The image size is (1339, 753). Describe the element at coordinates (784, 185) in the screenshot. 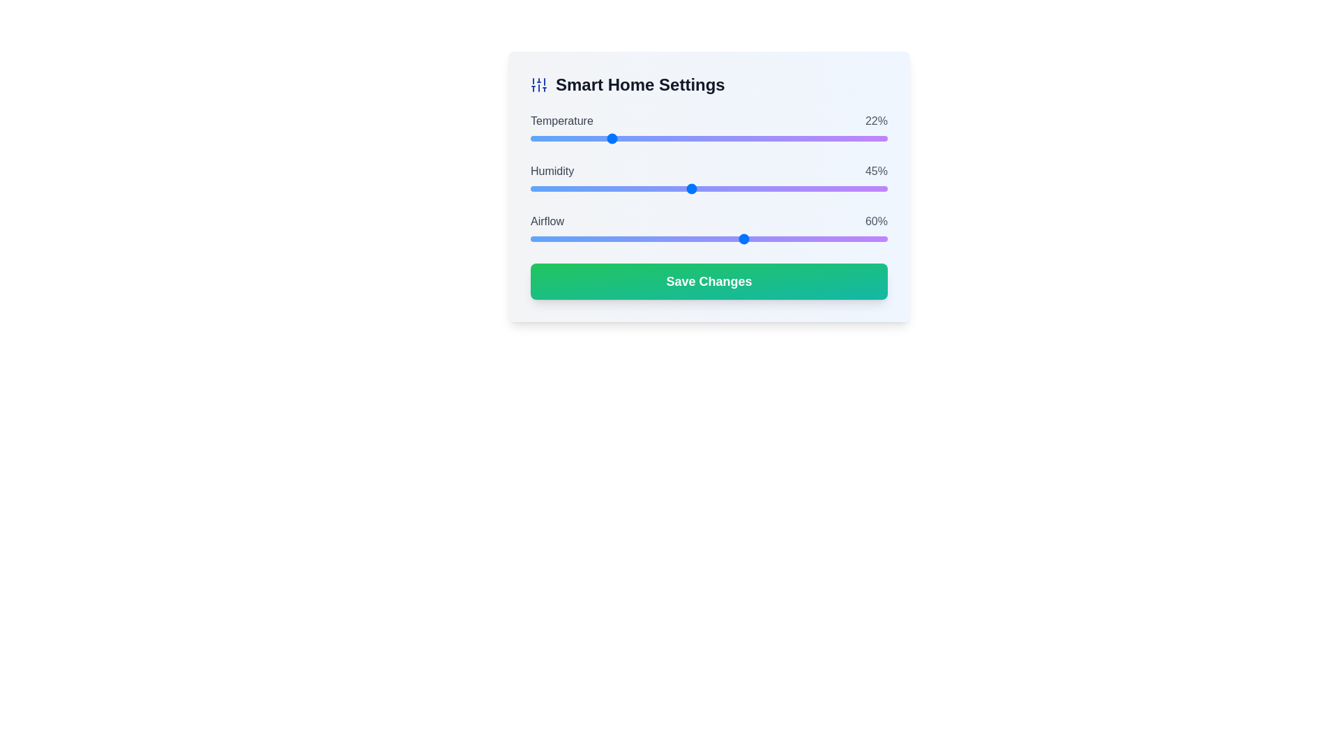

I see `the humidity level` at that location.